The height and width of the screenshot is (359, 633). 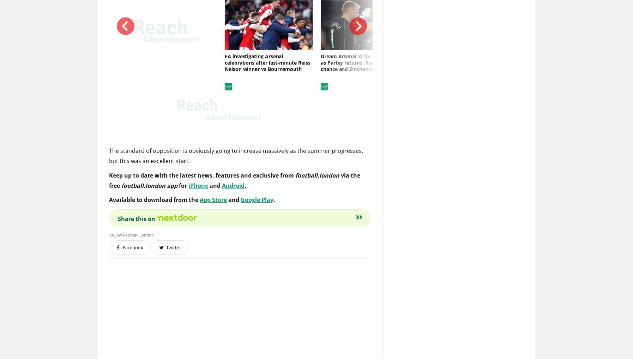 I want to click on 'Twitter', so click(x=173, y=247).